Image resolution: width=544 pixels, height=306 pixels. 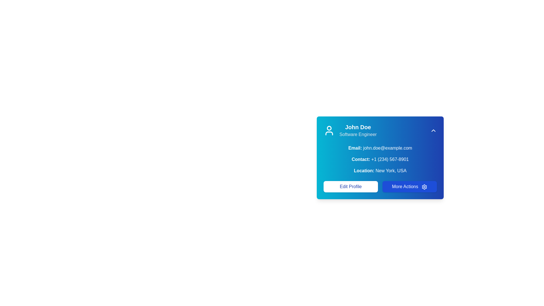 What do you see at coordinates (380, 148) in the screenshot?
I see `email information displayed in the static text label that shows 'Email: john.doe@example.com', which is styled in white font on a blue gradient background card` at bounding box center [380, 148].